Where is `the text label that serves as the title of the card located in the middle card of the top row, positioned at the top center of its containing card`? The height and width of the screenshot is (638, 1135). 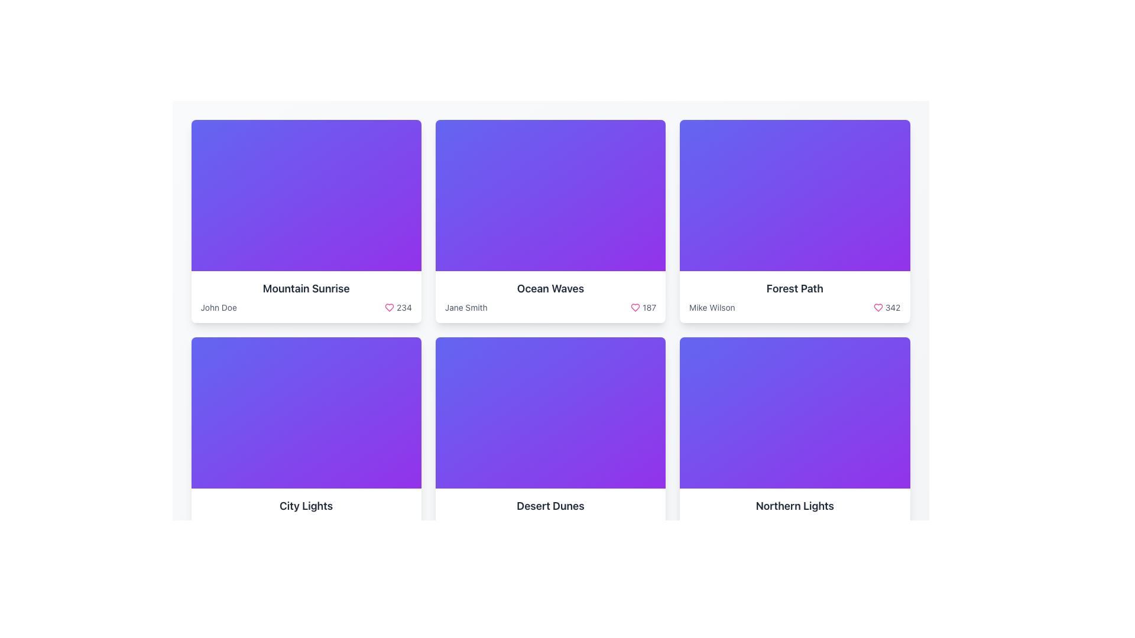 the text label that serves as the title of the card located in the middle card of the top row, positioned at the top center of its containing card is located at coordinates (550, 289).